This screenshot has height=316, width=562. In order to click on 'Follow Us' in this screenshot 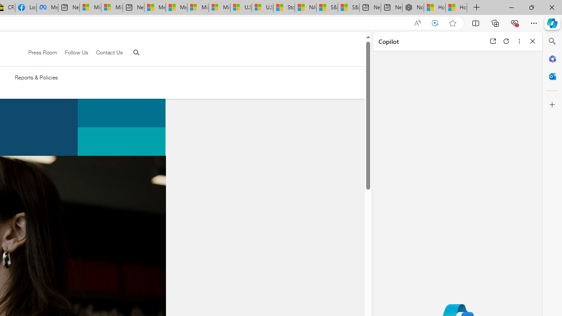, I will do `click(76, 52)`.